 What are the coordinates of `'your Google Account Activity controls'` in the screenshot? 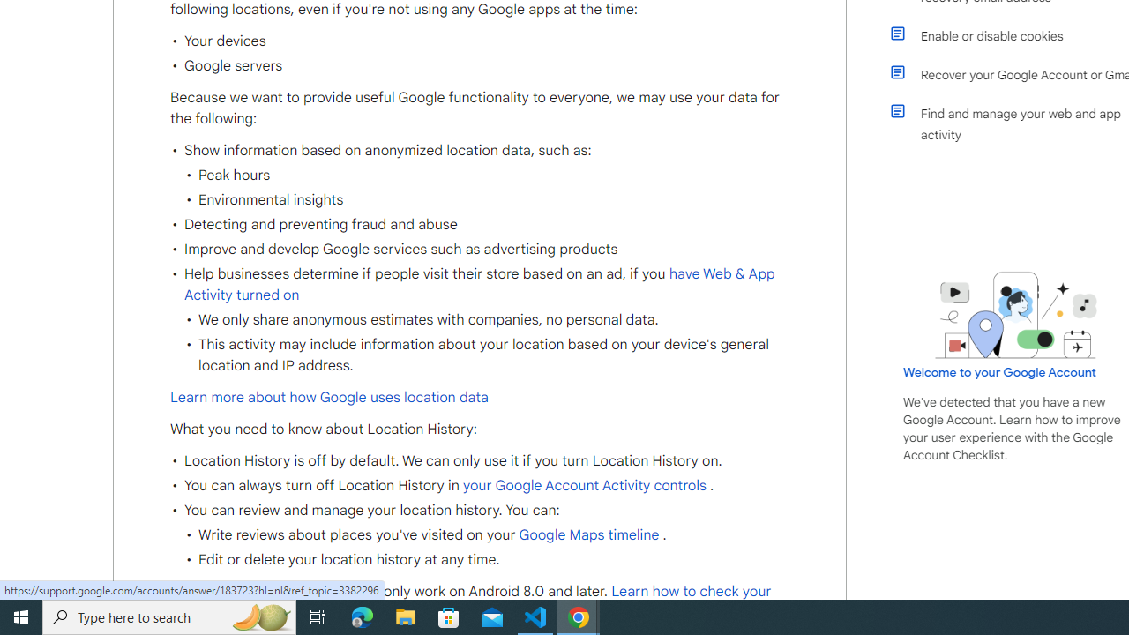 It's located at (584, 485).